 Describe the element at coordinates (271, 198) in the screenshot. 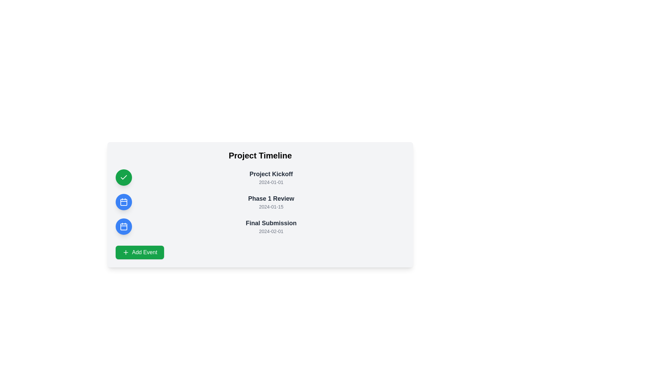

I see `text displayed in the centrally placed Text Label identifying the 'Phase 1 Review' event within the vertical timeline structure` at that location.